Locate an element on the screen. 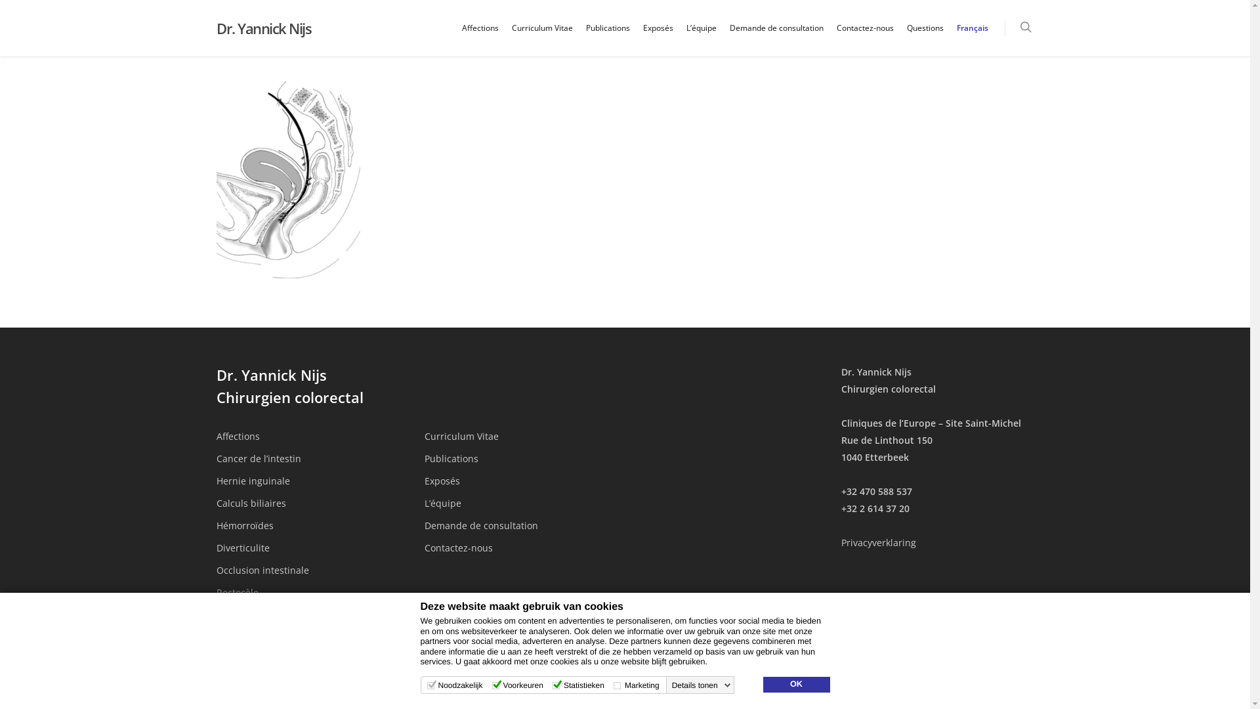 The height and width of the screenshot is (709, 1260). 'Contactez-nous' is located at coordinates (520, 548).